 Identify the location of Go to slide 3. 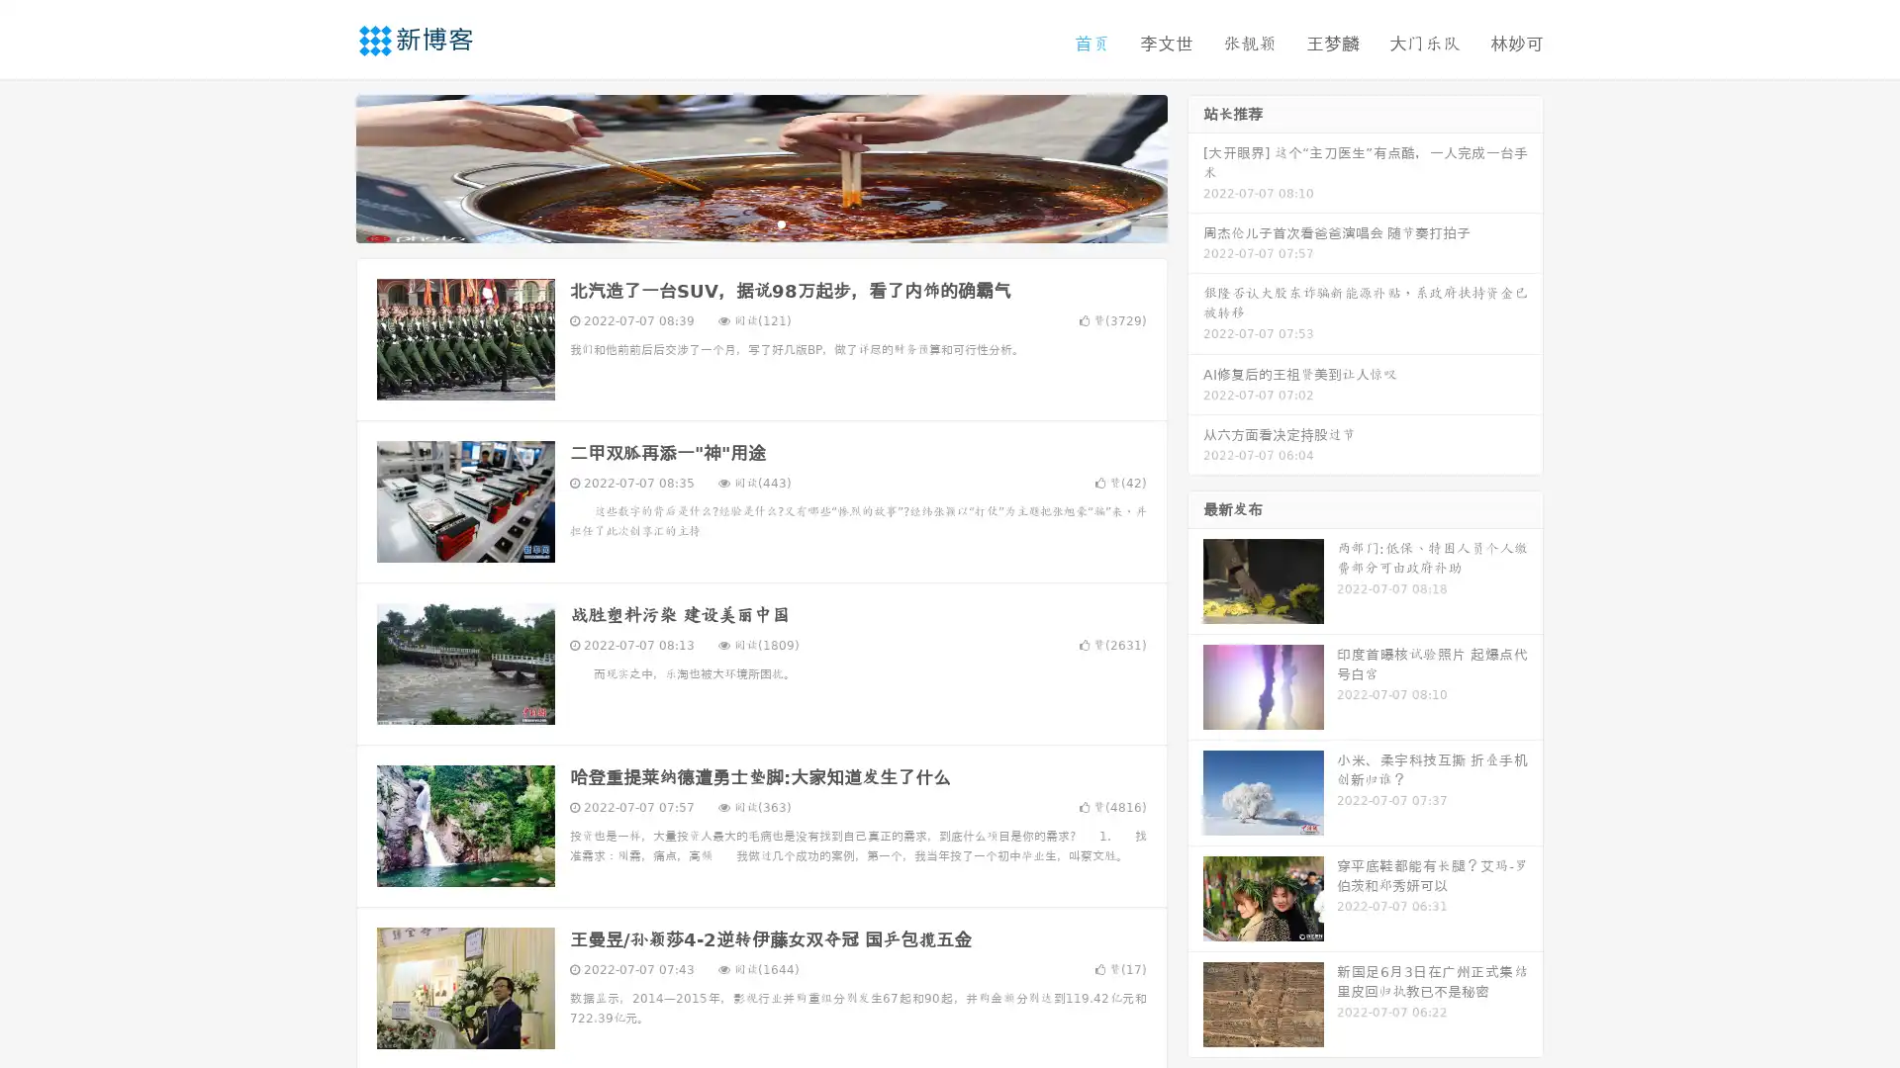
(781, 222).